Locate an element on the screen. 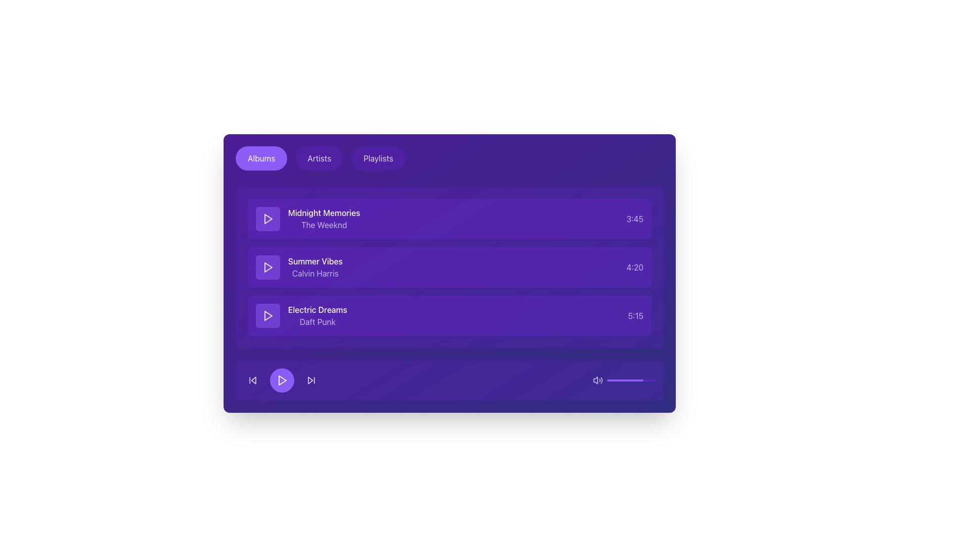 This screenshot has height=545, width=969. the volume level is located at coordinates (649, 380).